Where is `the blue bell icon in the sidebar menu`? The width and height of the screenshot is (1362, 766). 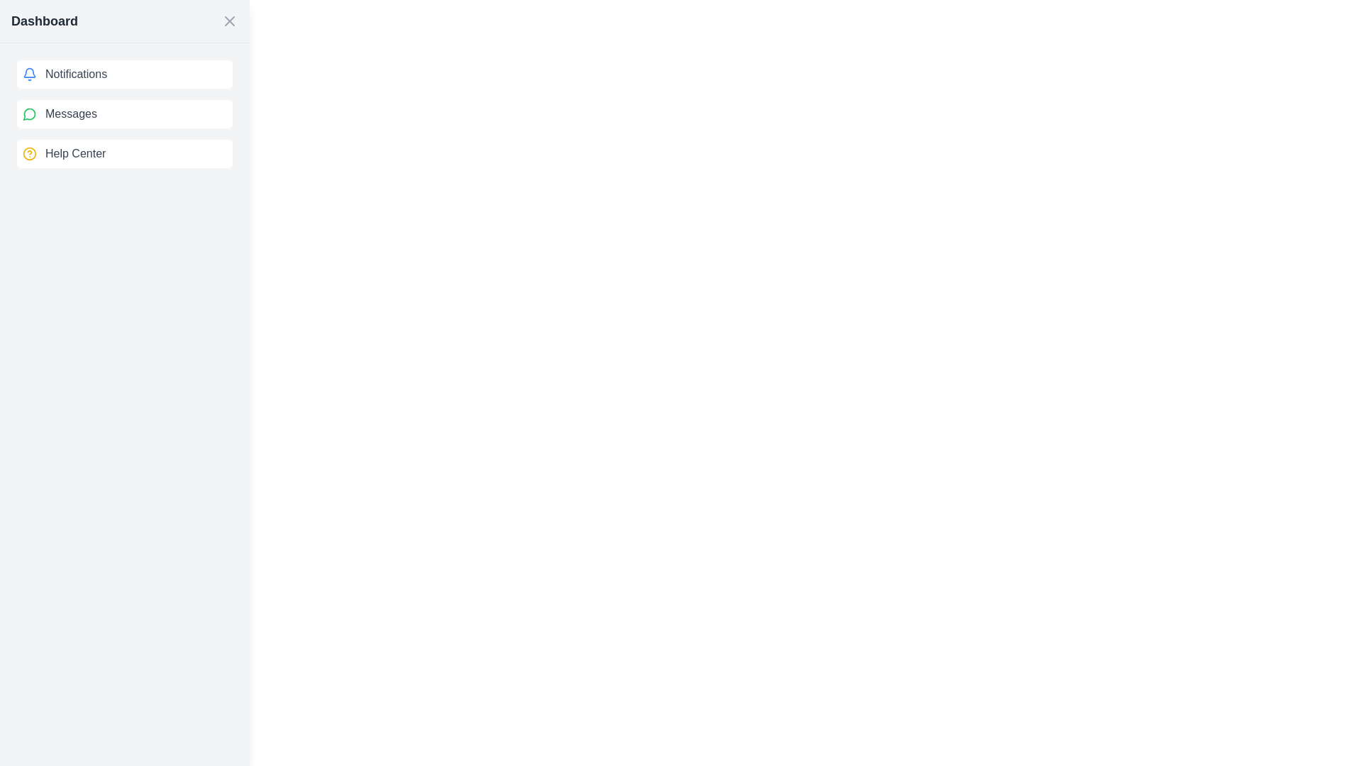 the blue bell icon in the sidebar menu is located at coordinates (30, 74).